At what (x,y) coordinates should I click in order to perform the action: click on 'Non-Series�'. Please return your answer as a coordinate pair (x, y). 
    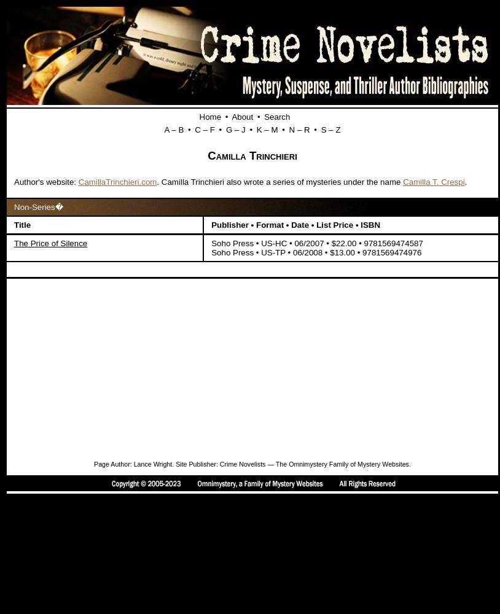
    Looking at the image, I should click on (37, 206).